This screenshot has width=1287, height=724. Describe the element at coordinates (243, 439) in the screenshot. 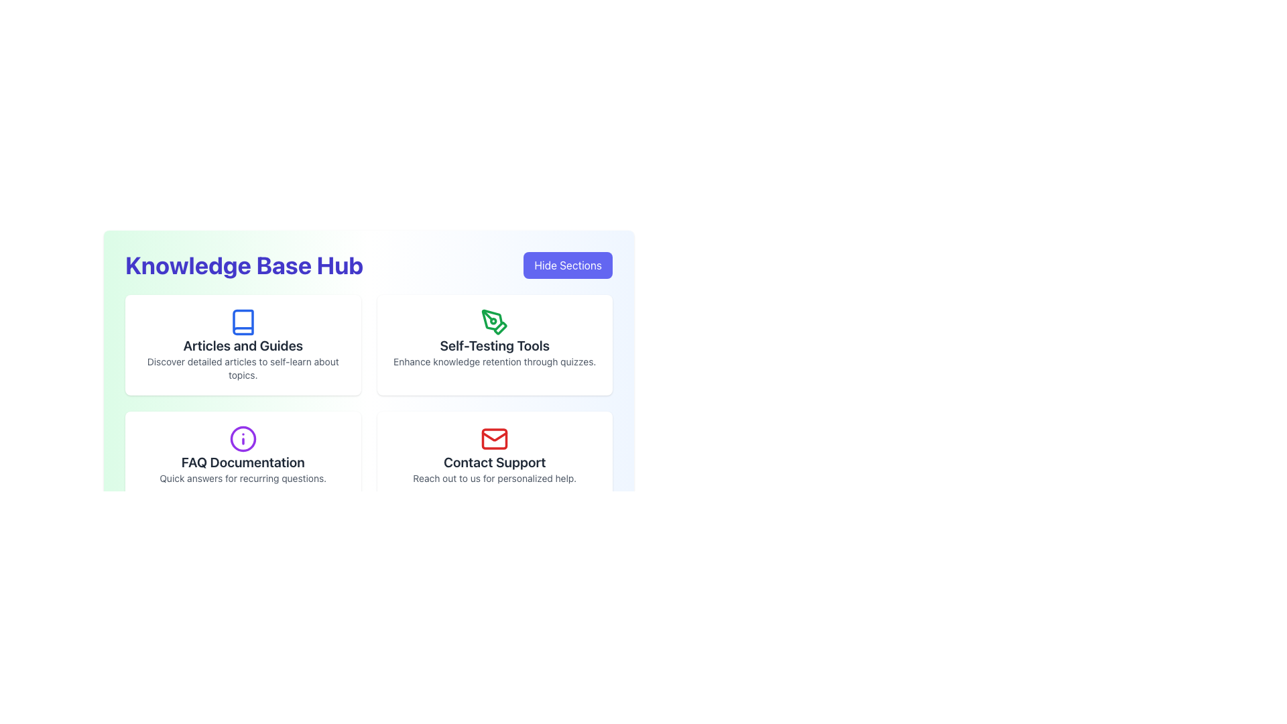

I see `the FAQ Documentation icon located above the section's title, which signifies the information hub for frequently asked questions` at that location.